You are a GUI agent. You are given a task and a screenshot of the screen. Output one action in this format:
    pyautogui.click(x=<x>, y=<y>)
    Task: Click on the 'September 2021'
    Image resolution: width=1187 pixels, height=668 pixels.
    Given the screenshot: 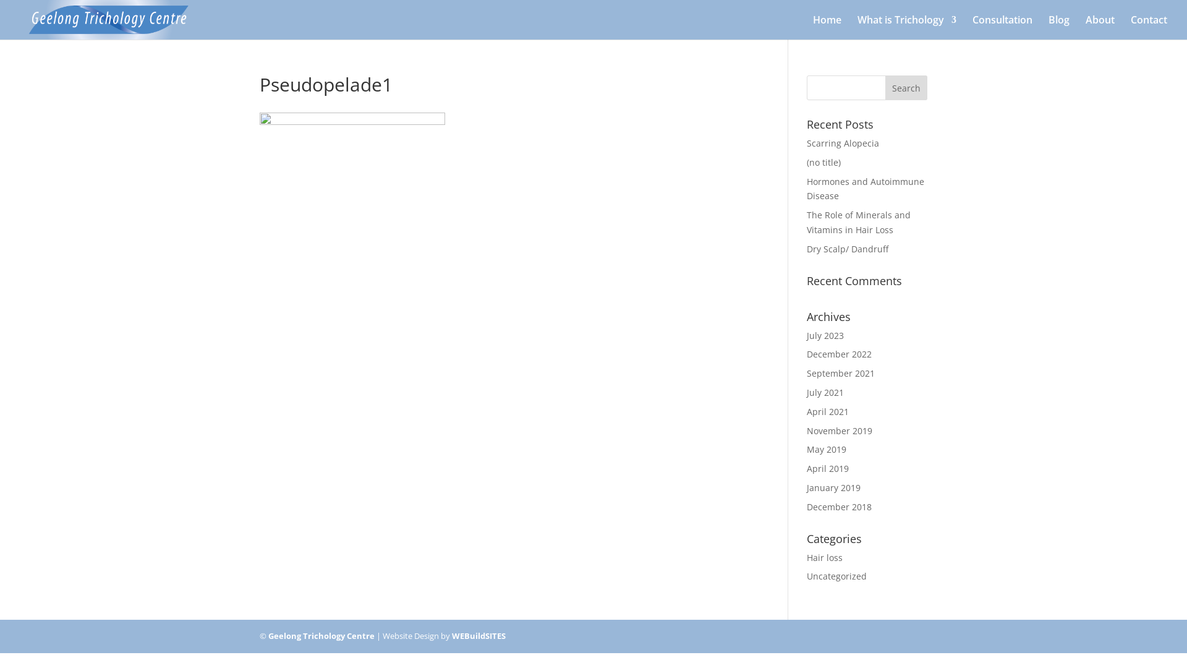 What is the action you would take?
    pyautogui.click(x=807, y=372)
    